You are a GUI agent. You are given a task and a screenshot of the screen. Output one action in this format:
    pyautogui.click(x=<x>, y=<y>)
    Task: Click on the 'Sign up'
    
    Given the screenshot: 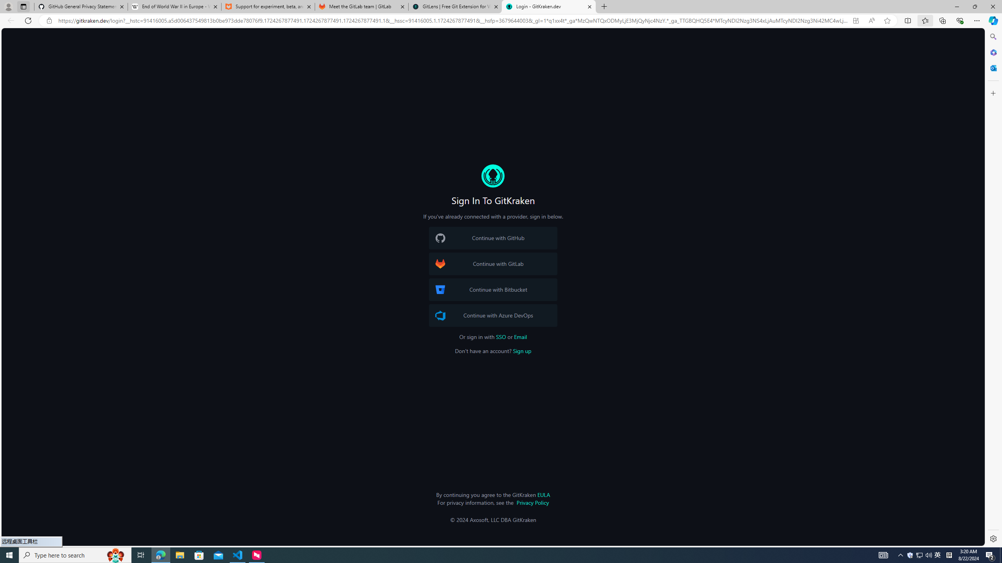 What is the action you would take?
    pyautogui.click(x=521, y=350)
    